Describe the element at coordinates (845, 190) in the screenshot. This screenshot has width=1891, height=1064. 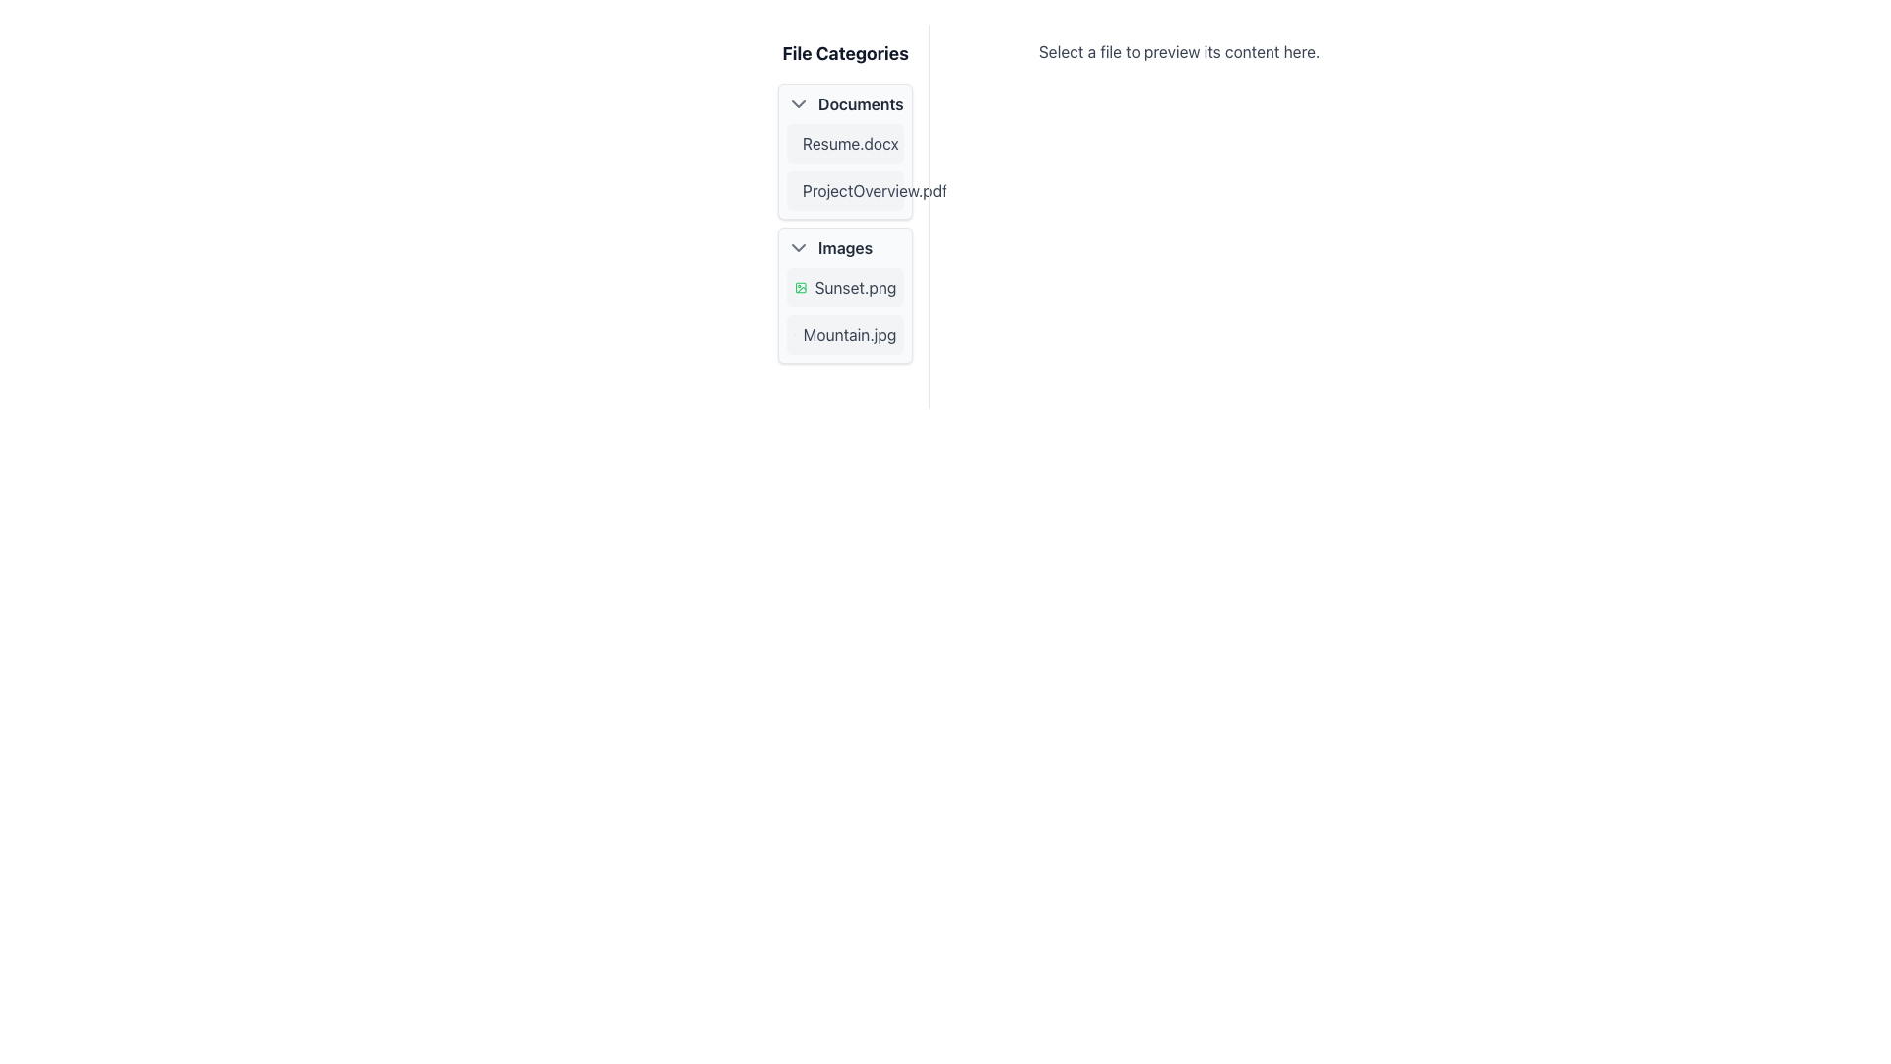
I see `the selectable file labeled 'ProjectOverview.pdf' located as the second item under the 'Documents' category` at that location.